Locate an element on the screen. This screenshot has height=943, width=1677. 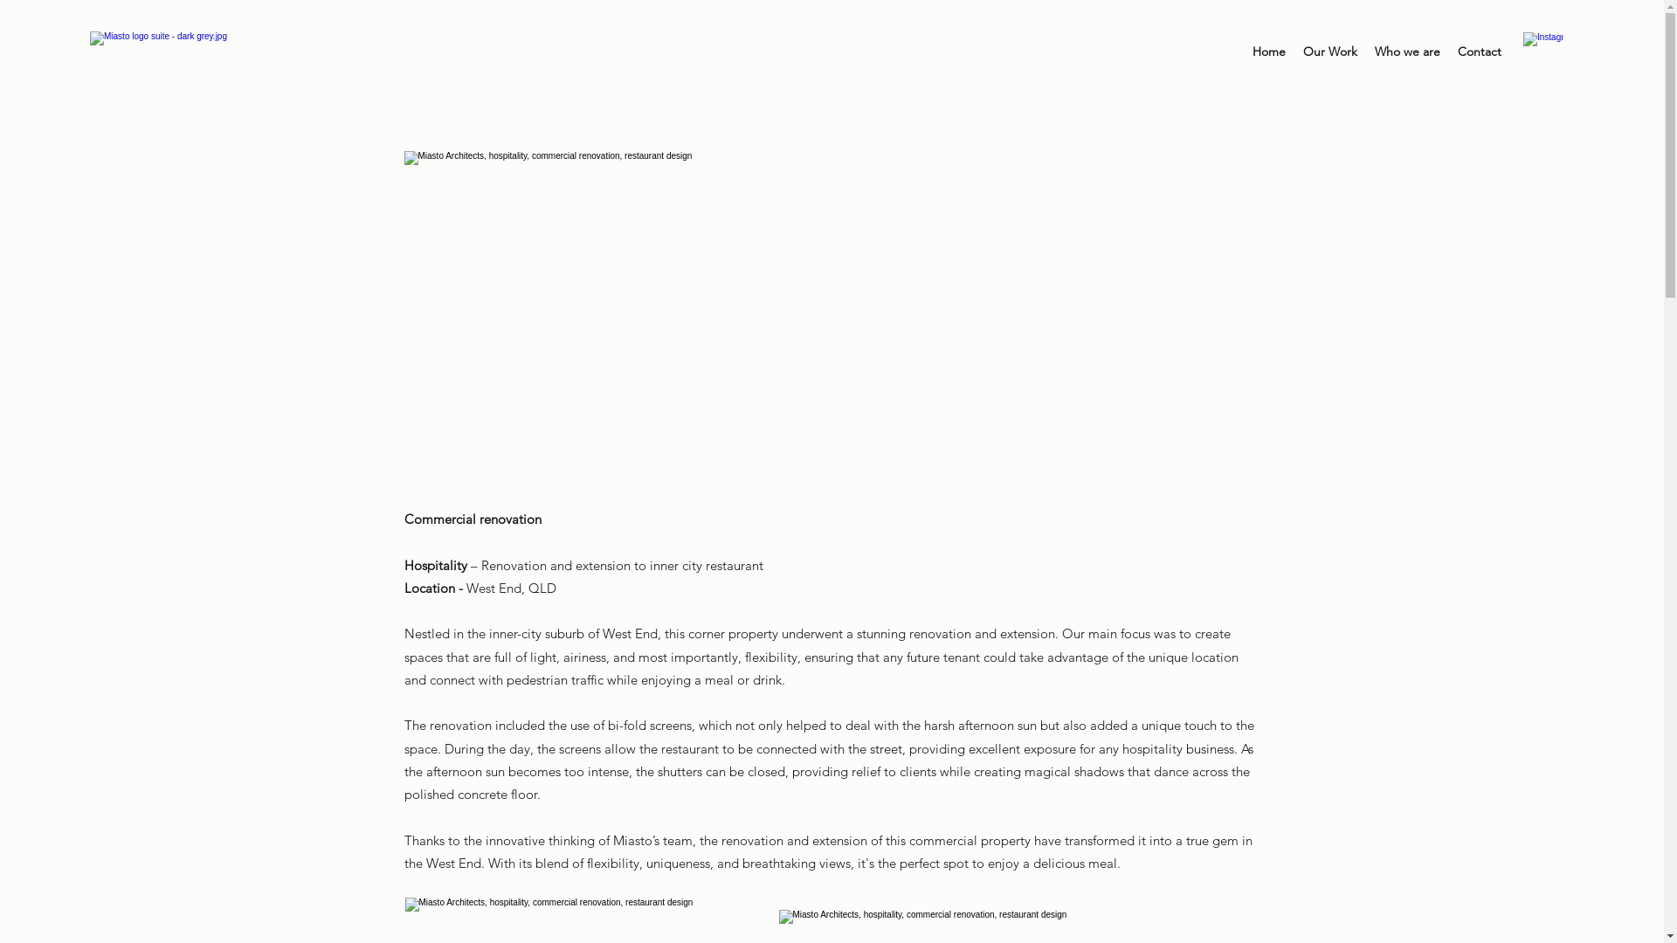
'Who we are' is located at coordinates (1407, 51).